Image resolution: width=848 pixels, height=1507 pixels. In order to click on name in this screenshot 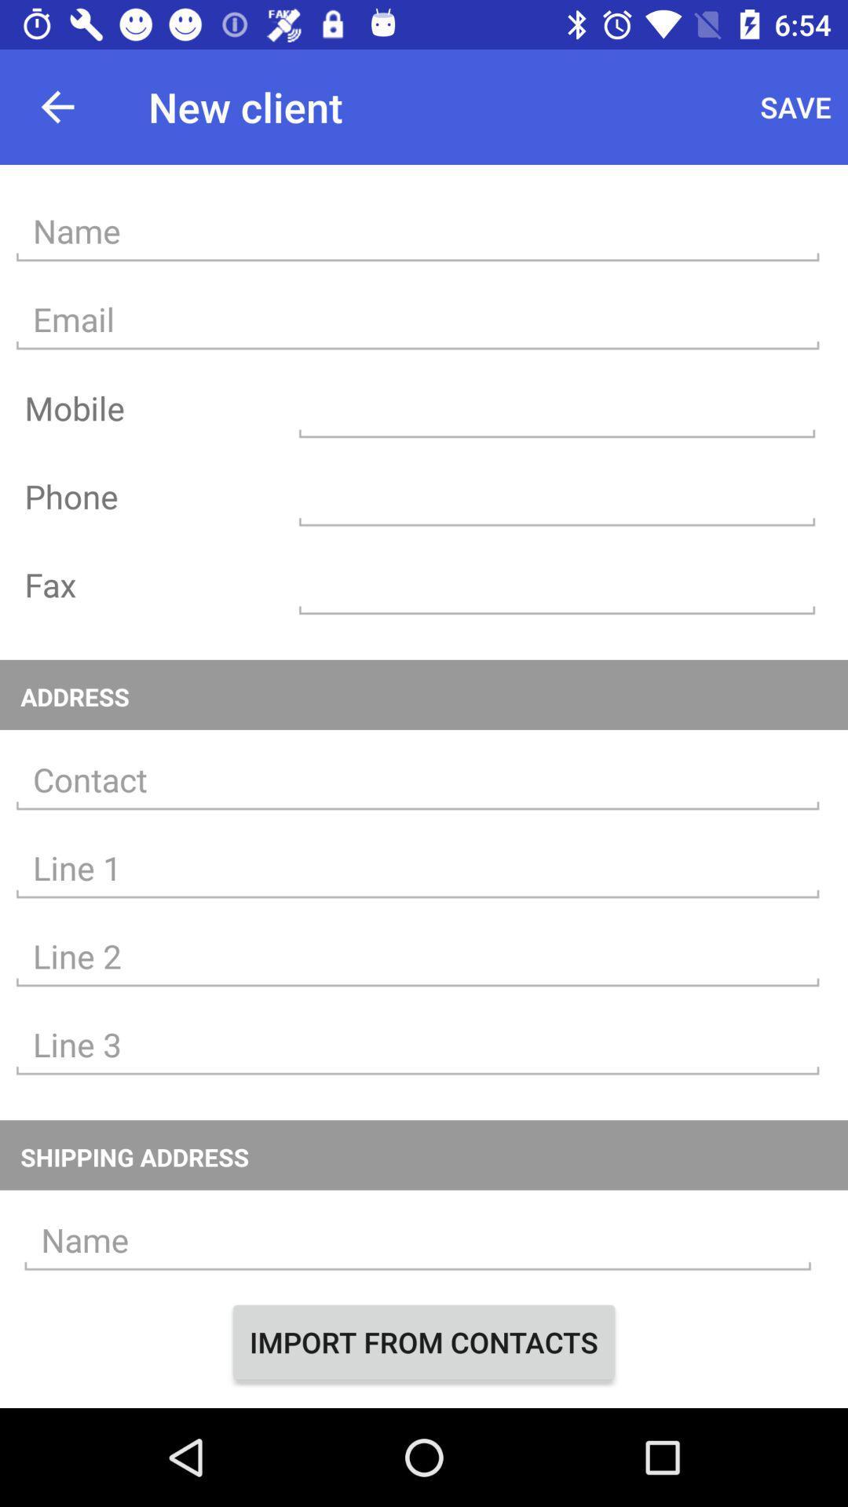, I will do `click(417, 231)`.